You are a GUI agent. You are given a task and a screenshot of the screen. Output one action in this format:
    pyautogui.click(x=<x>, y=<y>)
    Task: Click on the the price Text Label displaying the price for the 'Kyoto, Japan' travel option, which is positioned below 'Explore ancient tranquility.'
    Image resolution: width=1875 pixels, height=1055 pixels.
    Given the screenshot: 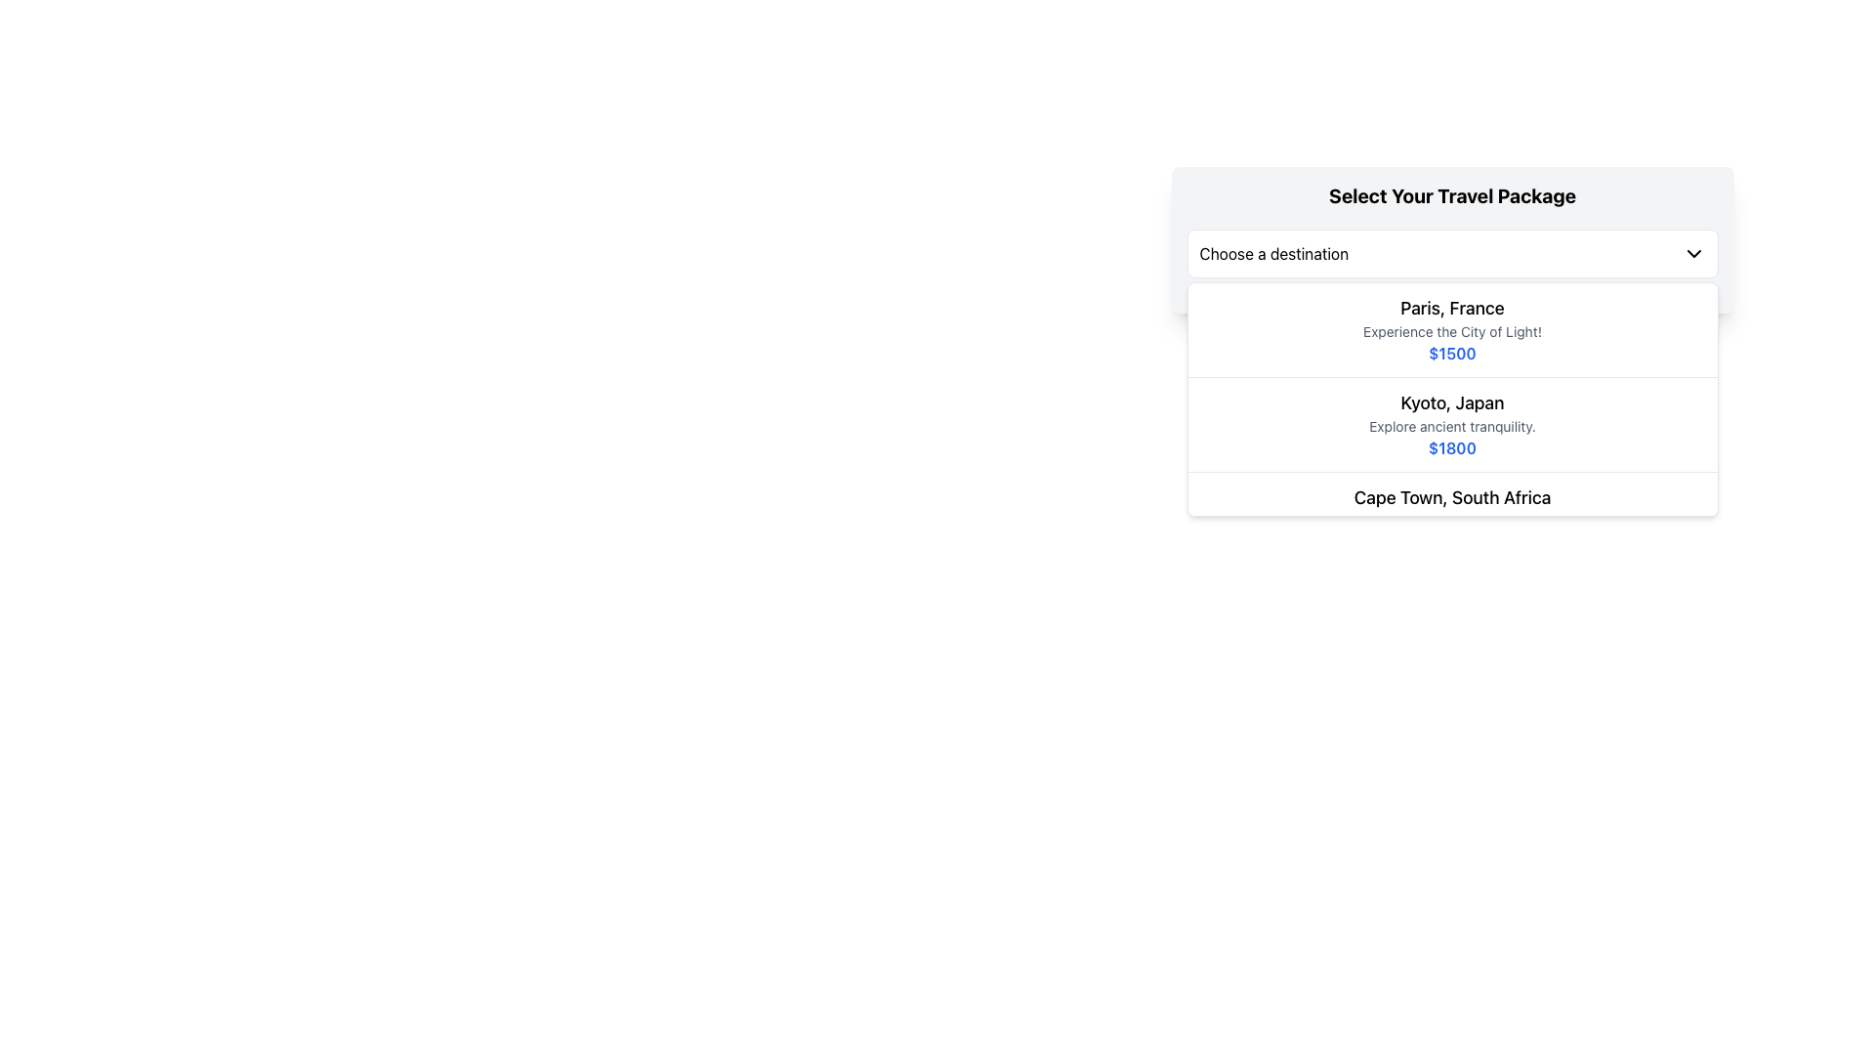 What is the action you would take?
    pyautogui.click(x=1452, y=448)
    